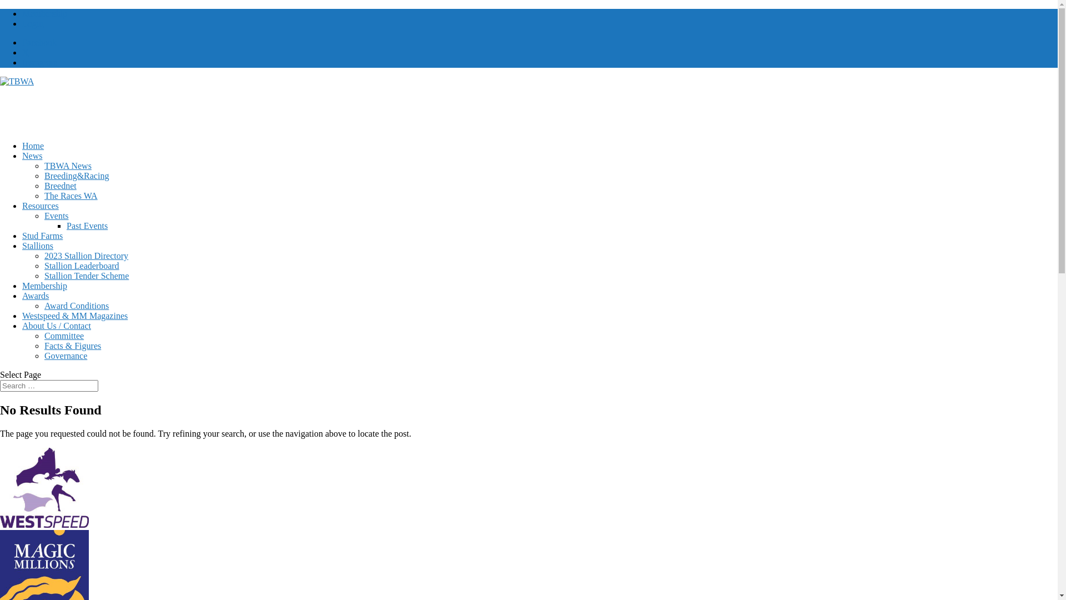 The image size is (1066, 600). What do you see at coordinates (67, 166) in the screenshot?
I see `'TBWA News'` at bounding box center [67, 166].